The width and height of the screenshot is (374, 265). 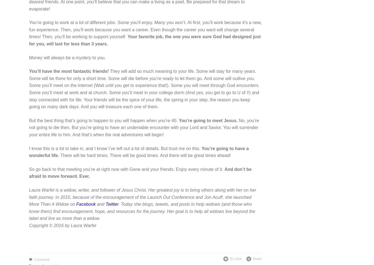 What do you see at coordinates (101, 204) in the screenshot?
I see `'and'` at bounding box center [101, 204].